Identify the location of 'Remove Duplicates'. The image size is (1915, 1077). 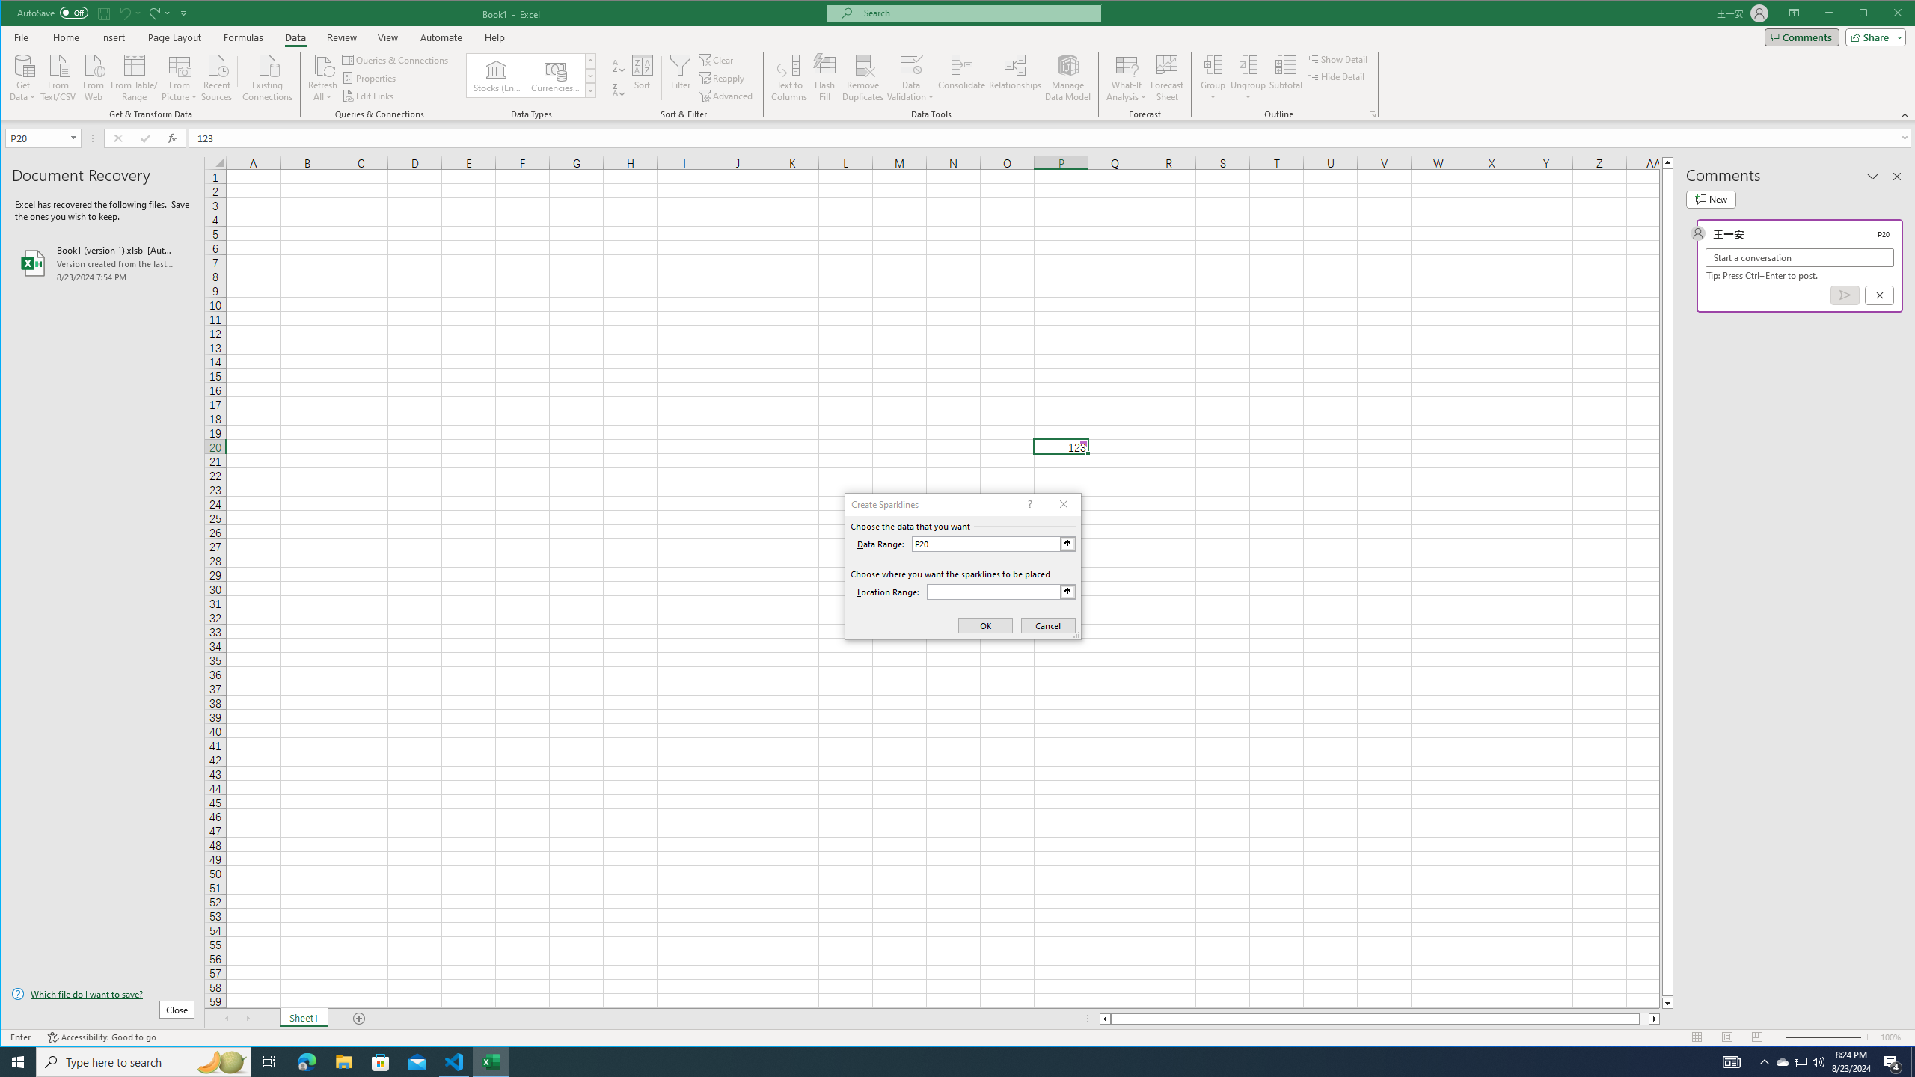
(862, 77).